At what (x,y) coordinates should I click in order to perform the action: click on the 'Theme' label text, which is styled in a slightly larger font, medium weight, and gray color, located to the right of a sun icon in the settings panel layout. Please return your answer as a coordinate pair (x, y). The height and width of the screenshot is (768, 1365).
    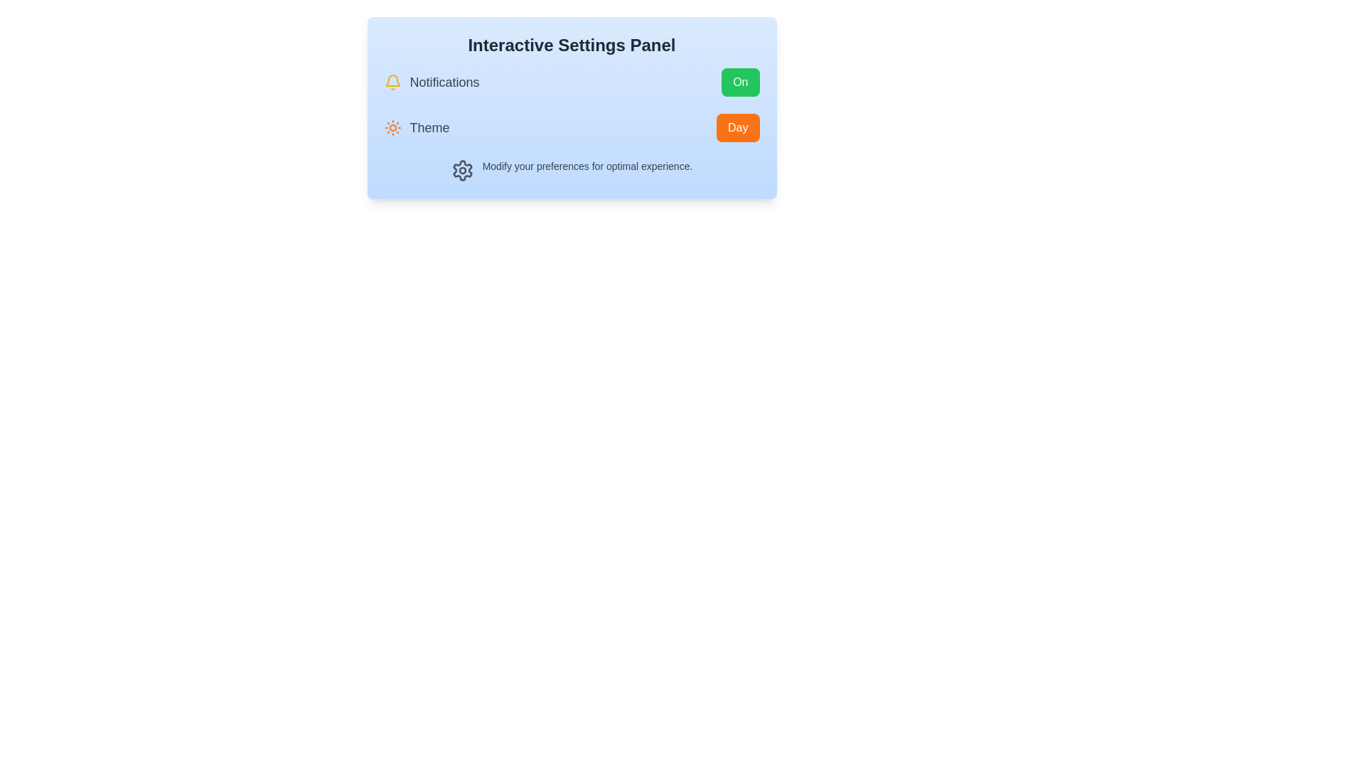
    Looking at the image, I should click on (429, 128).